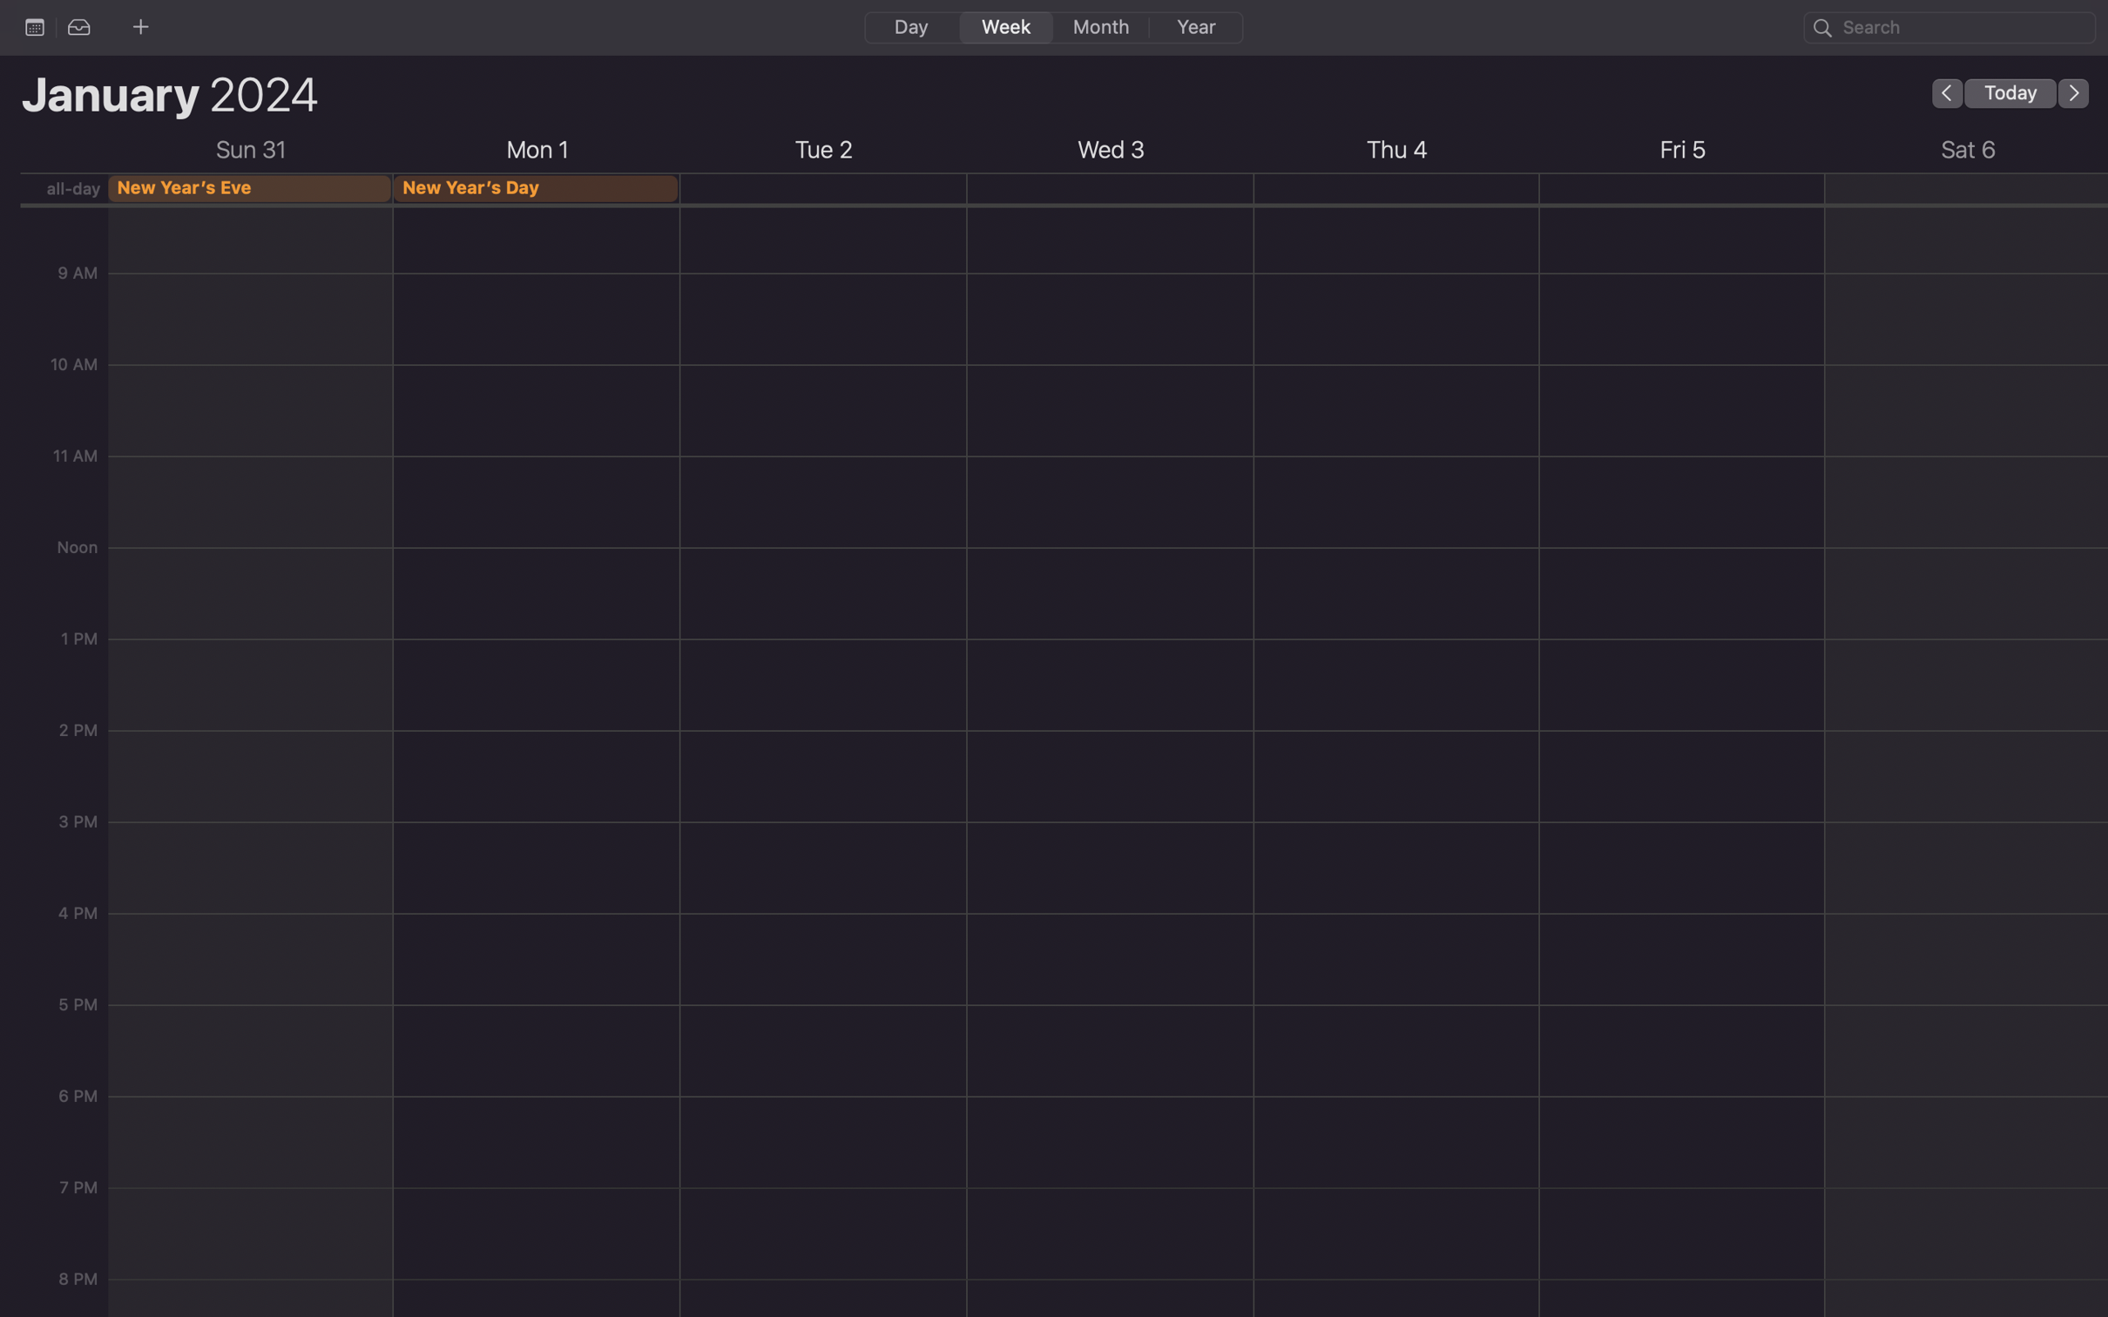 The height and width of the screenshot is (1317, 2108). Describe the element at coordinates (537, 846) in the screenshot. I see `Schedule an event for 5 PM on Monday` at that location.